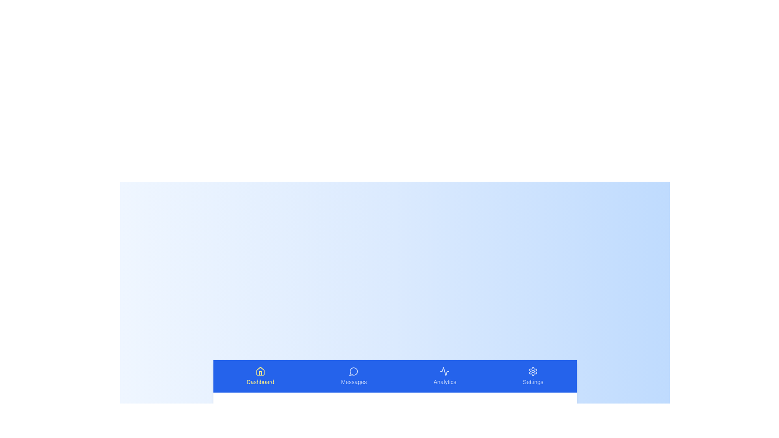  Describe the element at coordinates (354, 376) in the screenshot. I see `the tab labeled 'Messages' to observe the hover effect` at that location.